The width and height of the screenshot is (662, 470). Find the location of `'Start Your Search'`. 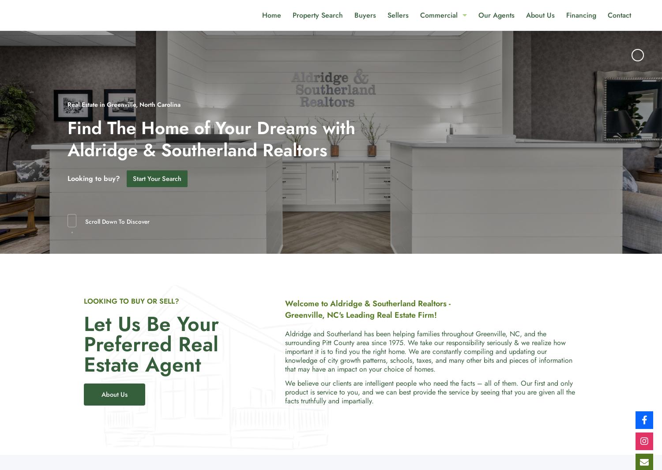

'Start Your Search' is located at coordinates (133, 177).